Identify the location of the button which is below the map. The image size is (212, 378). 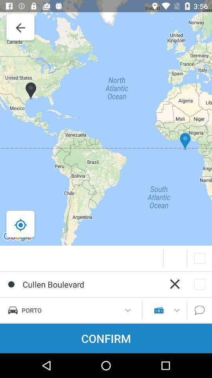
(199, 258).